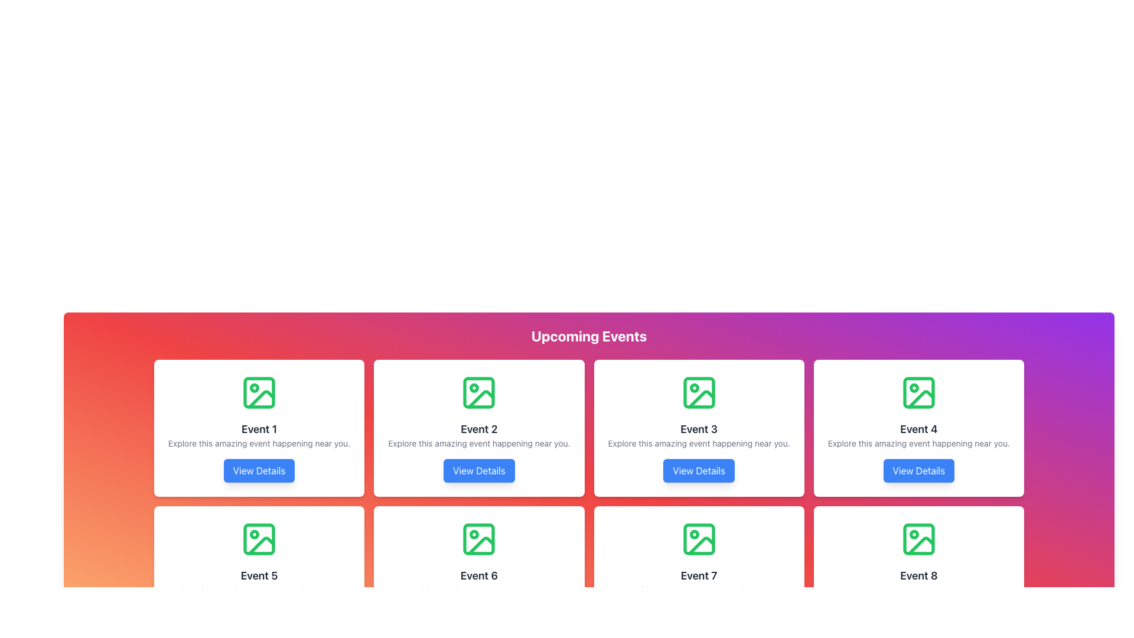 The height and width of the screenshot is (638, 1134). I want to click on the button located in the second card under 'Upcoming Events', so click(479, 470).